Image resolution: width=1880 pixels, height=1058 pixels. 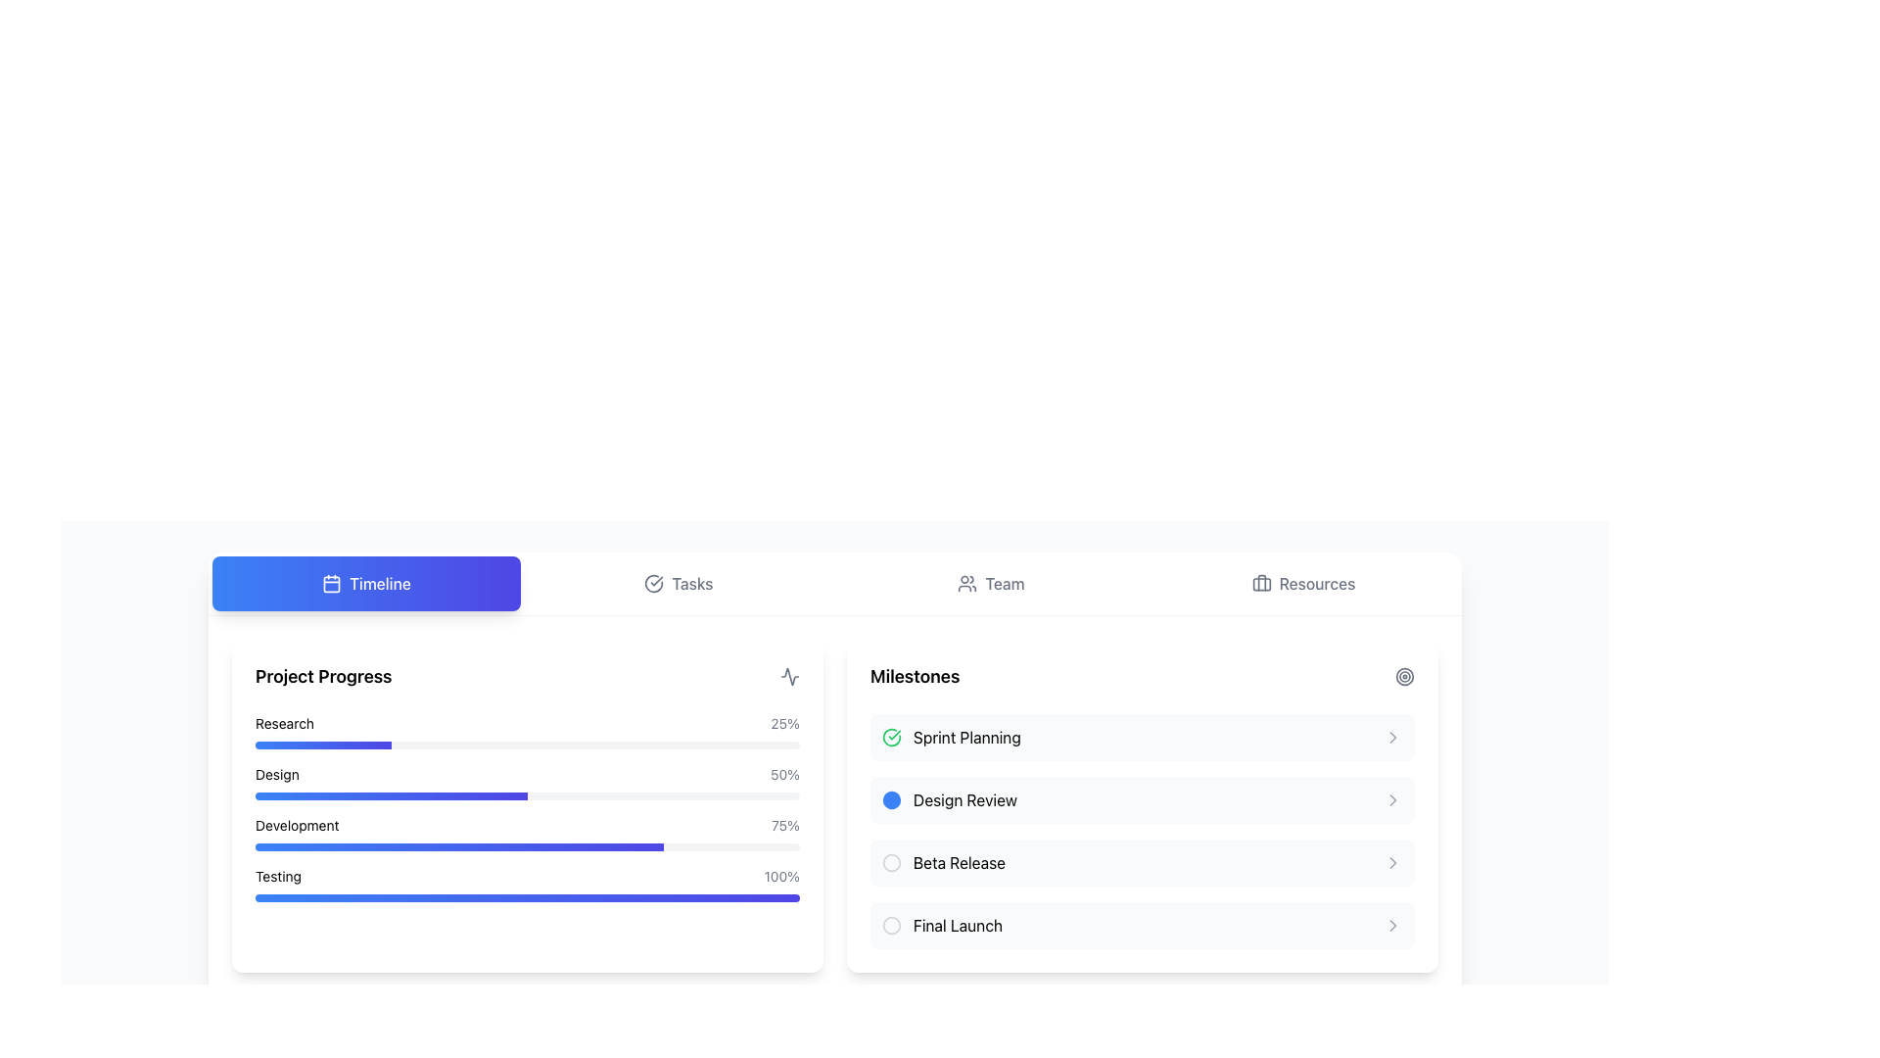 I want to click on the 'Beta Release' label with a circular icon, located under the 'Milestones' section, so click(x=944, y=861).